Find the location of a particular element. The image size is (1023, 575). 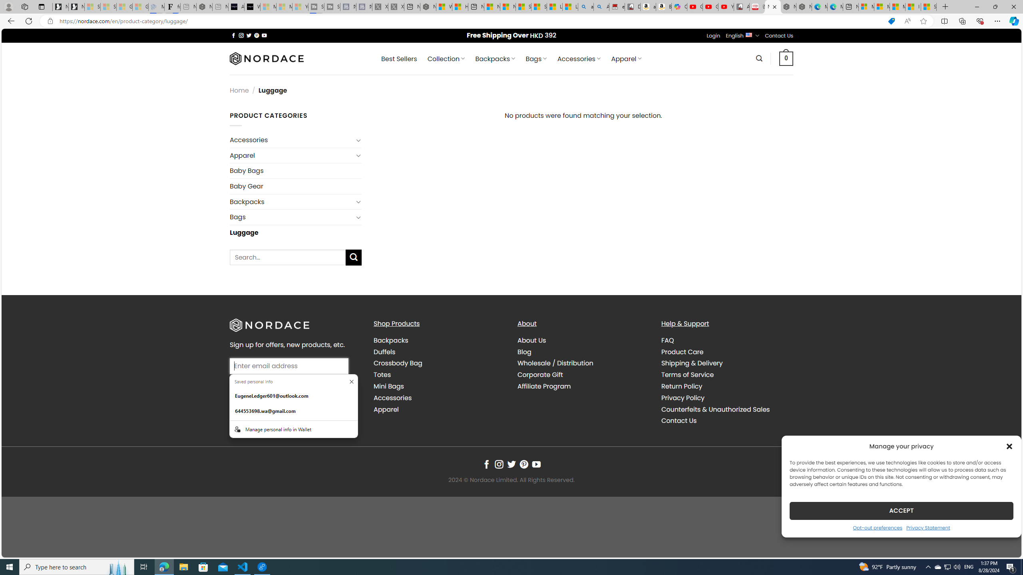

'Copilot (Ctrl+Shift+.)' is located at coordinates (1013, 20).